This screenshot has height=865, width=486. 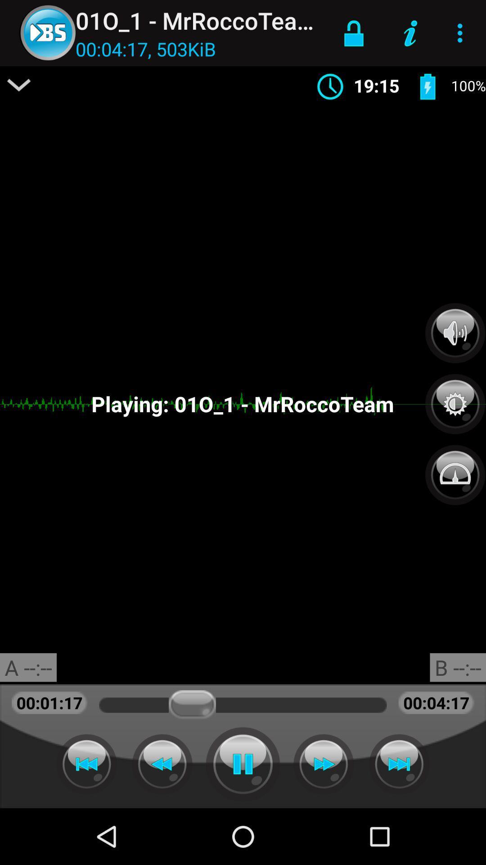 I want to click on pause, so click(x=243, y=764).